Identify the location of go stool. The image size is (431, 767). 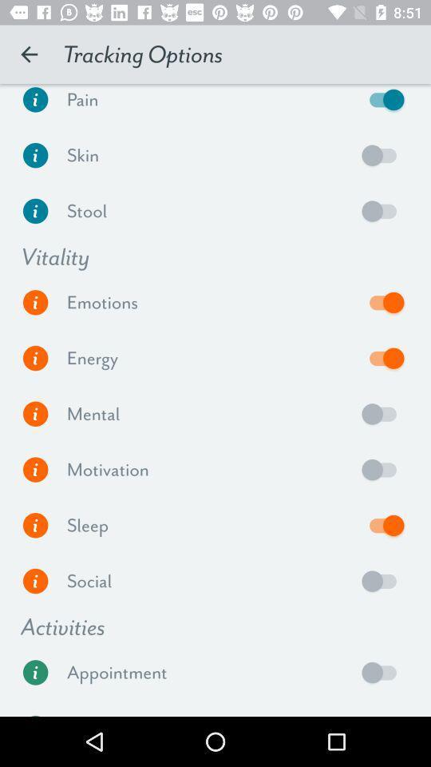
(35, 210).